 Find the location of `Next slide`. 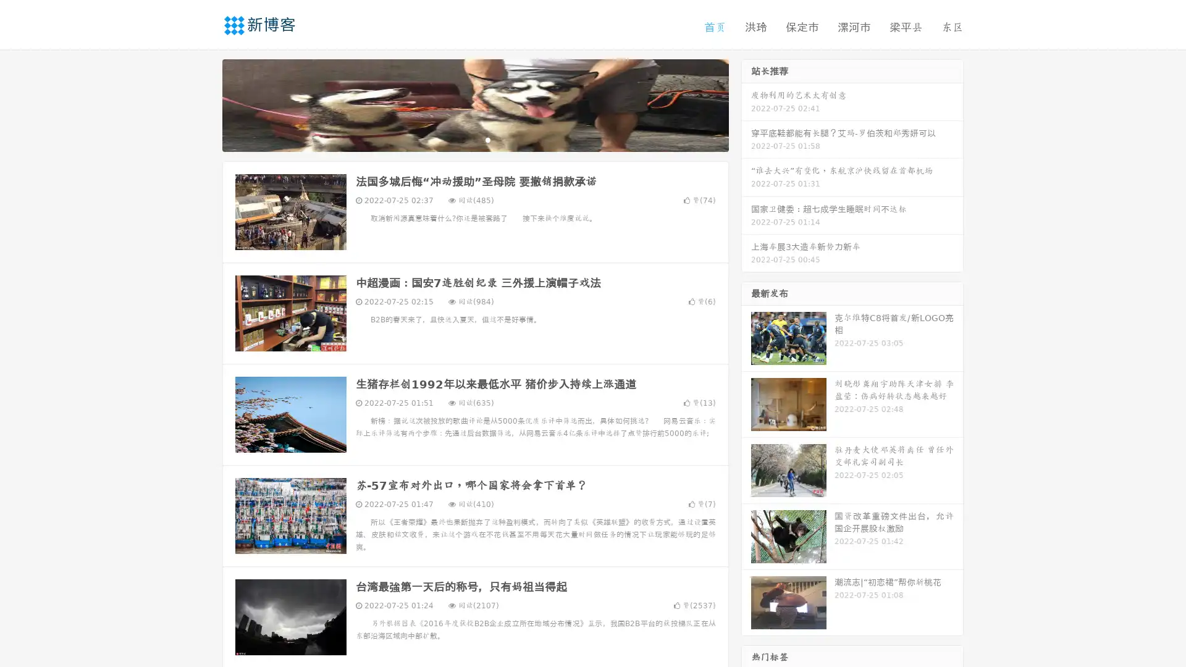

Next slide is located at coordinates (746, 104).